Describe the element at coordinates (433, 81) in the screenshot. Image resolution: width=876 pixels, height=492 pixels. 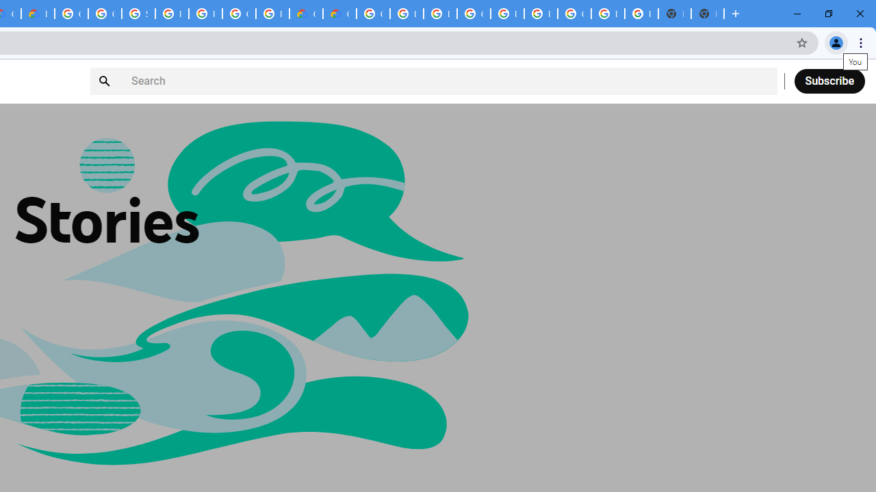
I see `'AutomationID: search_bar_input_header'` at that location.